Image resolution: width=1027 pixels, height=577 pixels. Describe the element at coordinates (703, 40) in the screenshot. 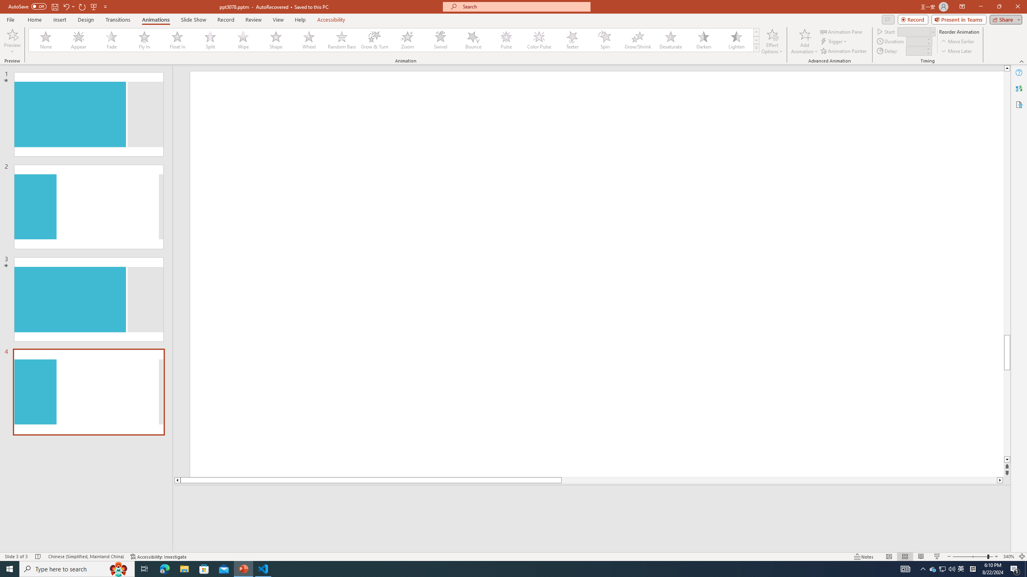

I see `'Darken'` at that location.